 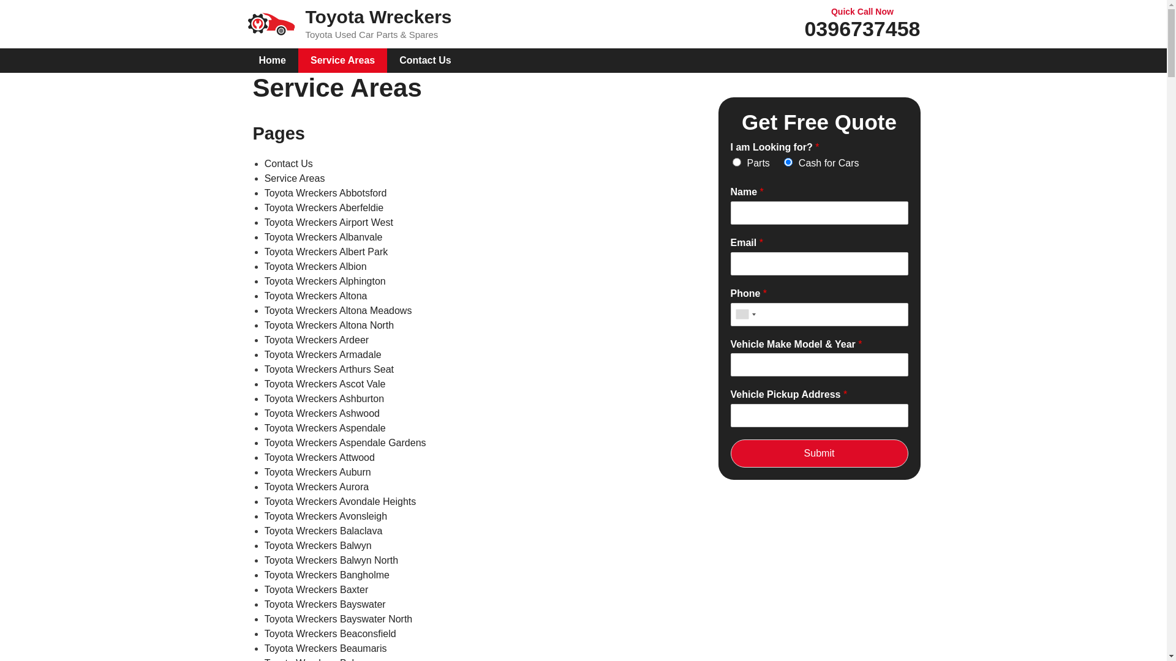 I want to click on 'Toyota Wreckers Aberfeldie', so click(x=323, y=207).